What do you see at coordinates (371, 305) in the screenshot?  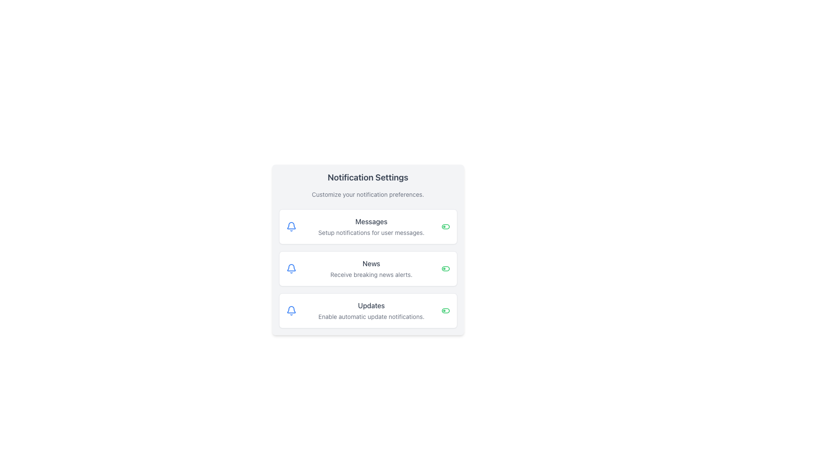 I see `the text label that serves as the title for the setting option related to updates, located in the third setting option within the 'Notification Settings' panel` at bounding box center [371, 305].